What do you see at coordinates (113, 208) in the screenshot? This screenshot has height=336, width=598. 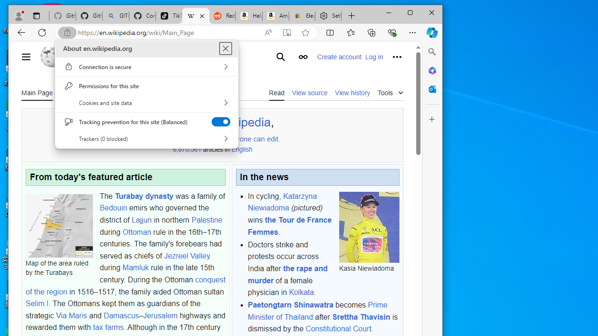 I see `'Bedouin'` at bounding box center [113, 208].